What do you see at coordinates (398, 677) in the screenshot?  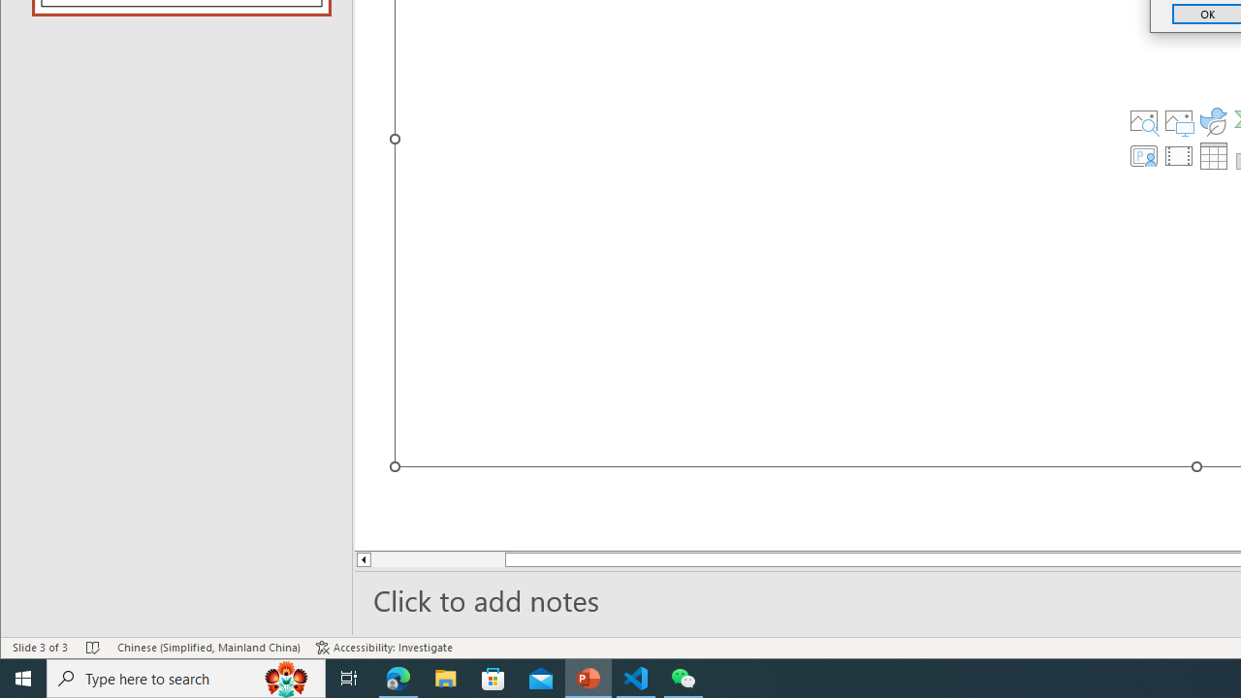 I see `'Microsoft Edge - 1 running window'` at bounding box center [398, 677].